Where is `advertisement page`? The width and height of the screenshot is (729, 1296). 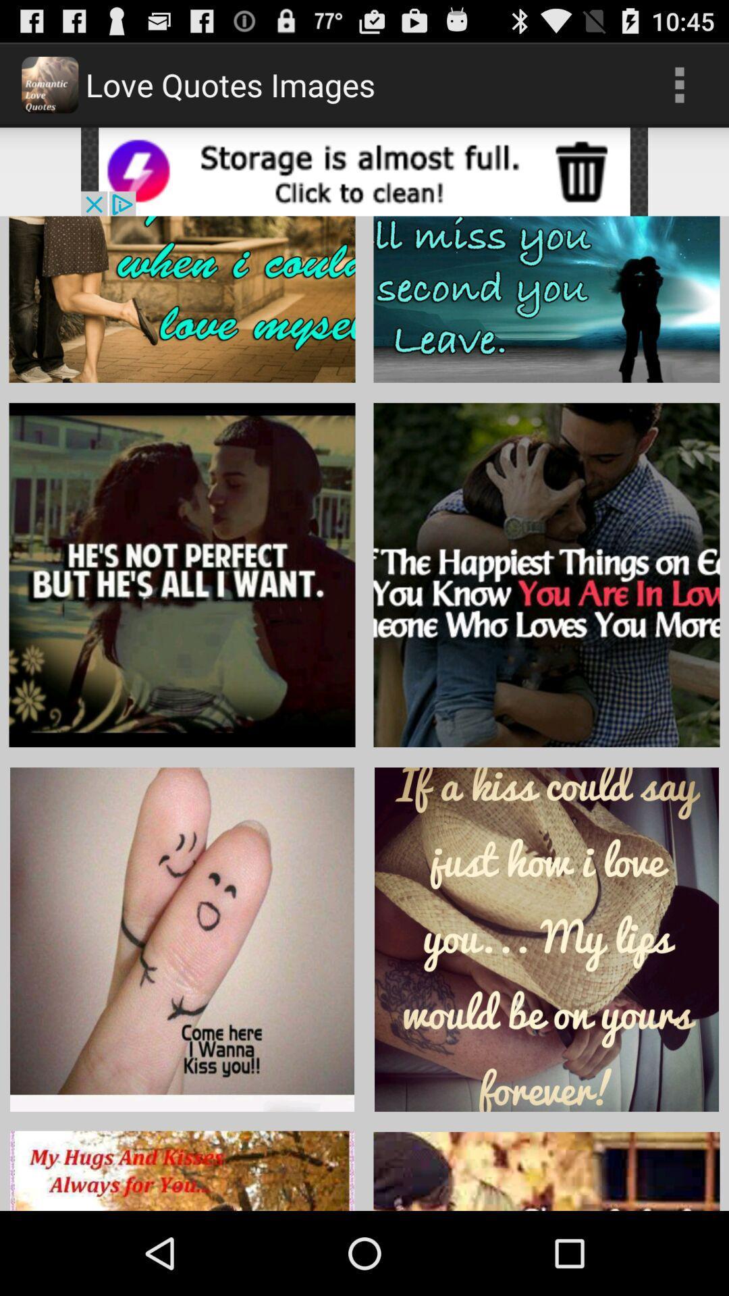 advertisement page is located at coordinates (364, 171).